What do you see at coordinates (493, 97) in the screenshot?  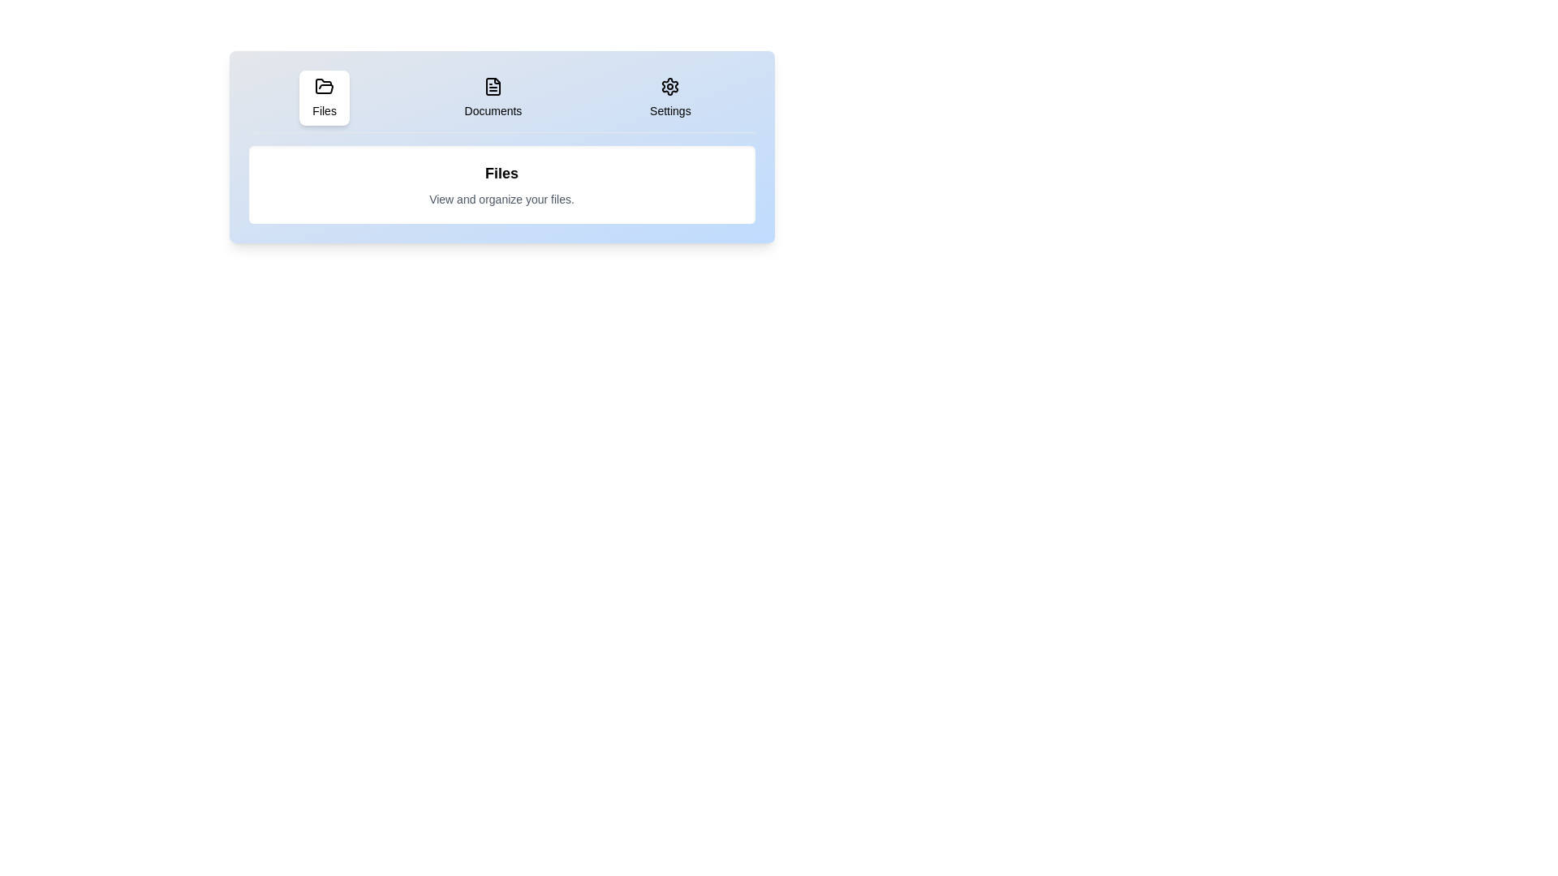 I see `the Documents tab by clicking the corresponding tab button` at bounding box center [493, 97].